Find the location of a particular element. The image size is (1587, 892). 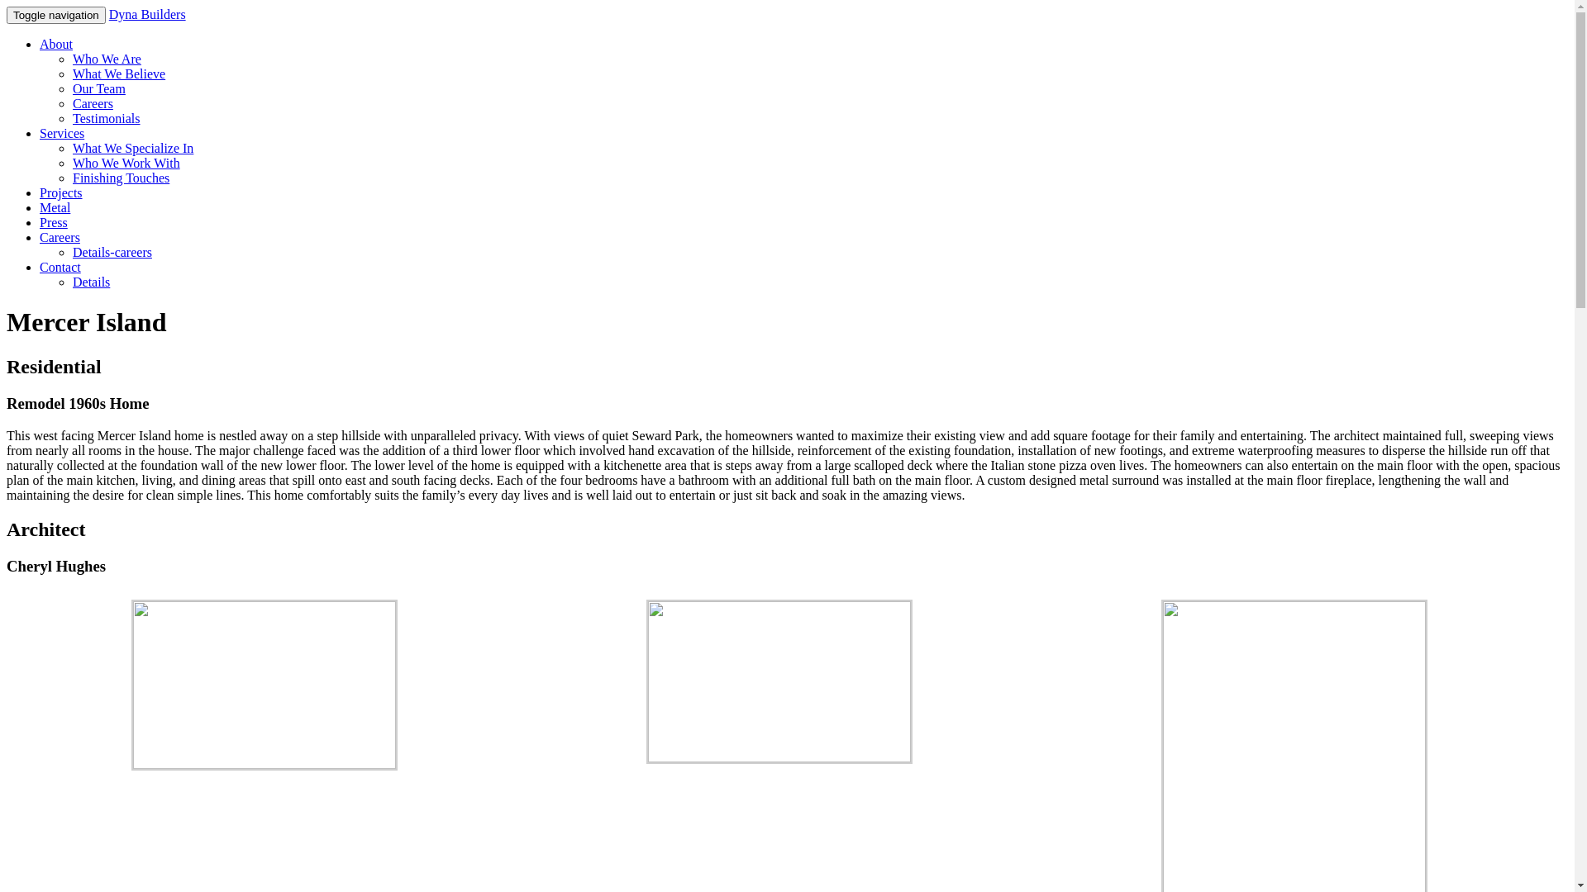

'Careers' is located at coordinates (92, 103).